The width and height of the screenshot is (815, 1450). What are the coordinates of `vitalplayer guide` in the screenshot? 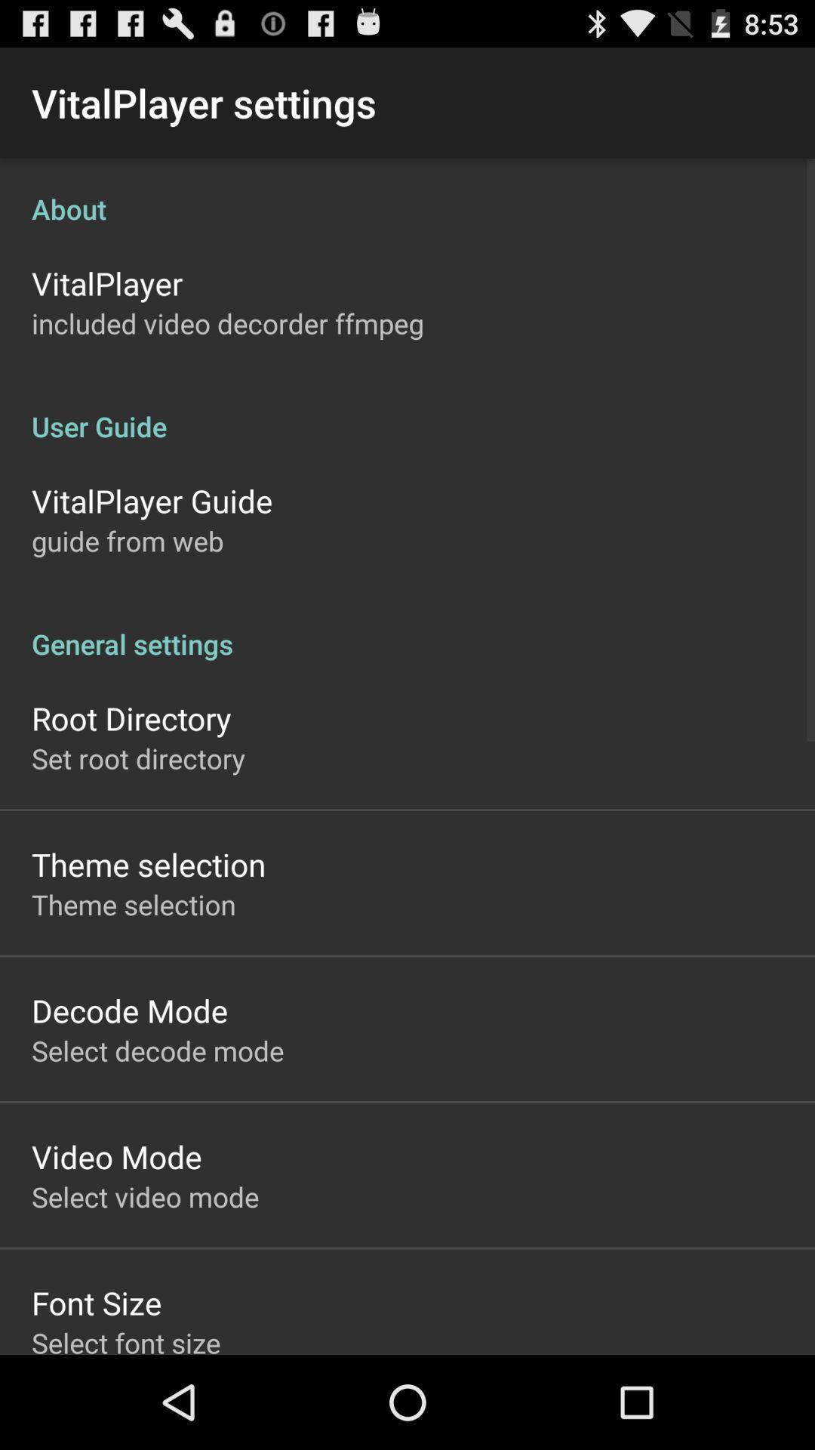 It's located at (152, 500).